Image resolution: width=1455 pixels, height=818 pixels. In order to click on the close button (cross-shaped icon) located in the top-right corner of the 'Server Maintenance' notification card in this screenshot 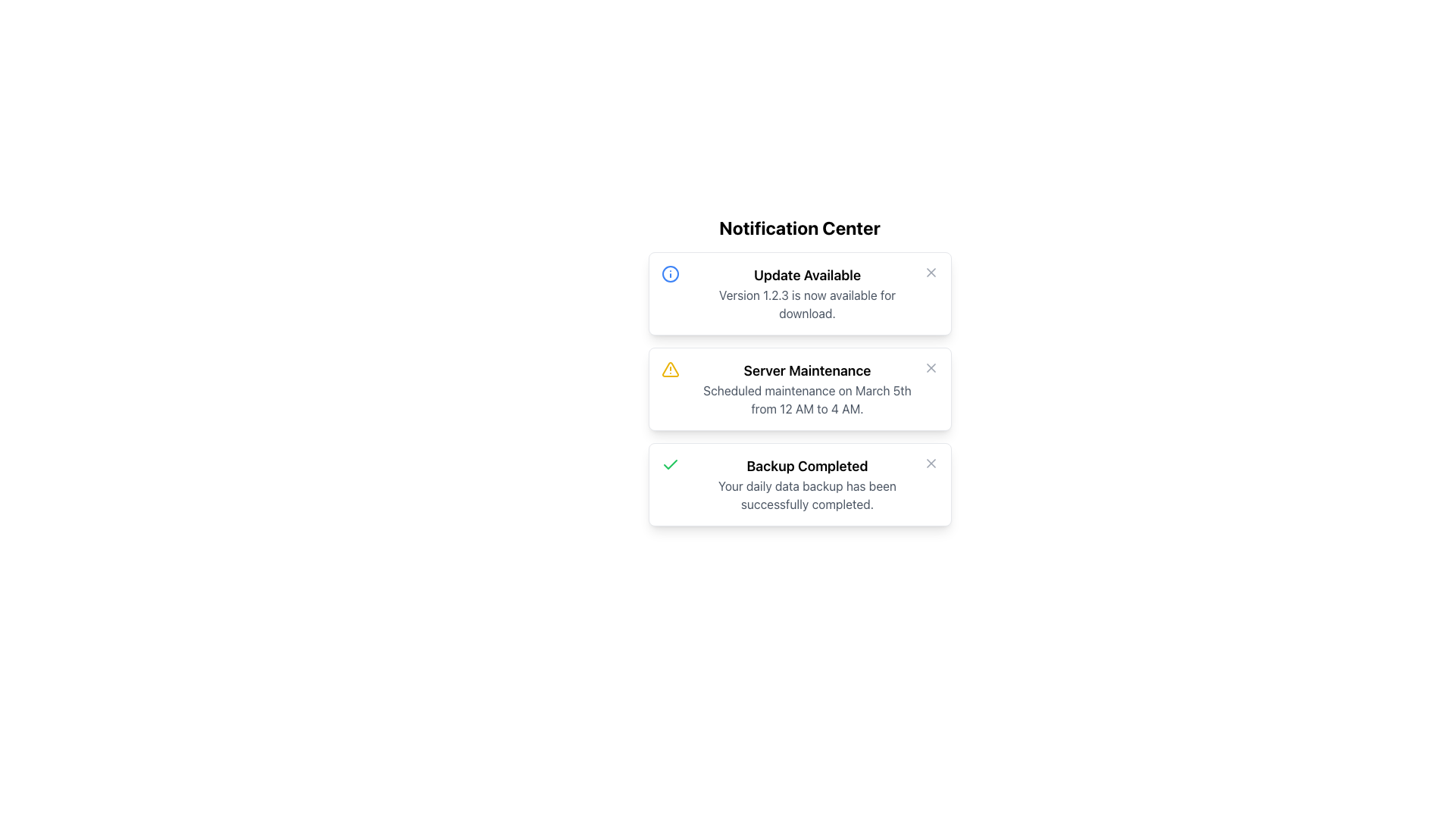, I will do `click(930, 368)`.